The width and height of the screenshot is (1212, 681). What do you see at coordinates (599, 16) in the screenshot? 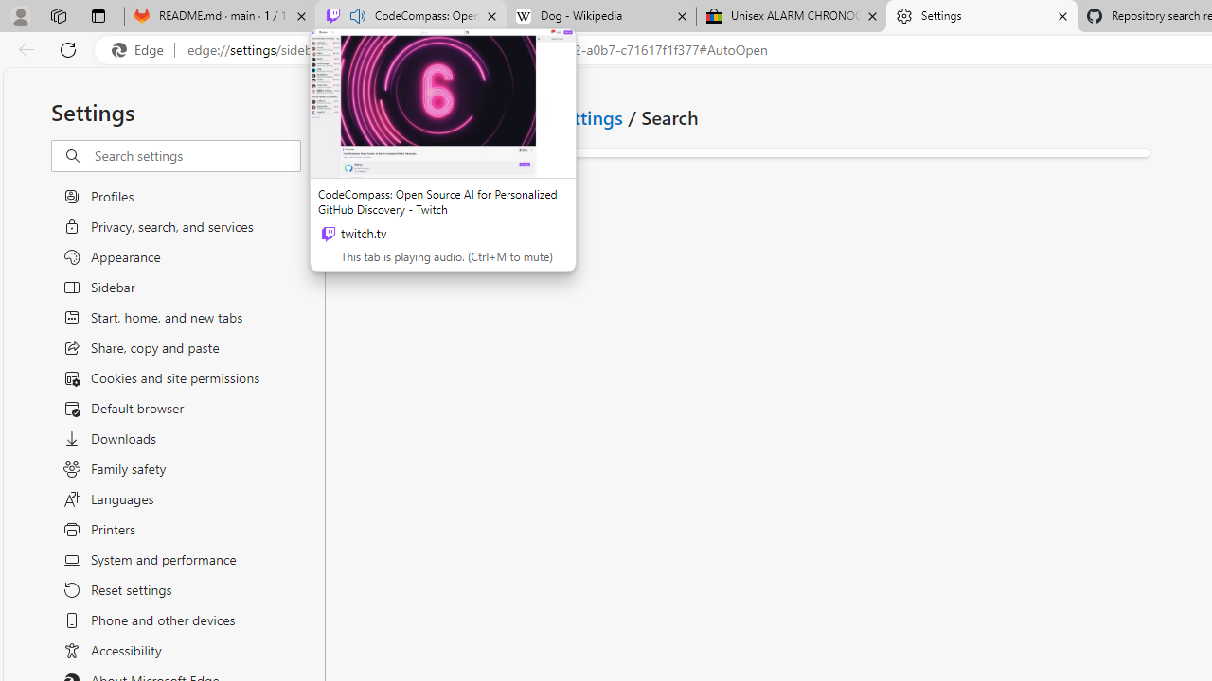
I see `'Dog - Wikipedia'` at bounding box center [599, 16].